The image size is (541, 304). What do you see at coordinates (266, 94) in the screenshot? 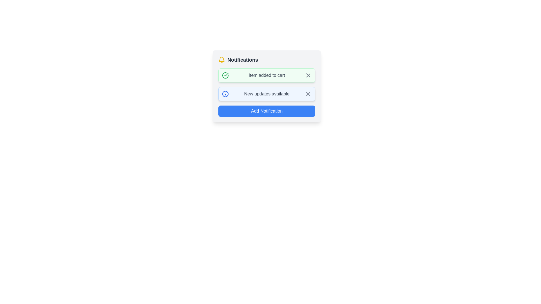
I see `the text label displaying 'New updates available' within the notification box that has a blue background and rounded corners` at bounding box center [266, 94].